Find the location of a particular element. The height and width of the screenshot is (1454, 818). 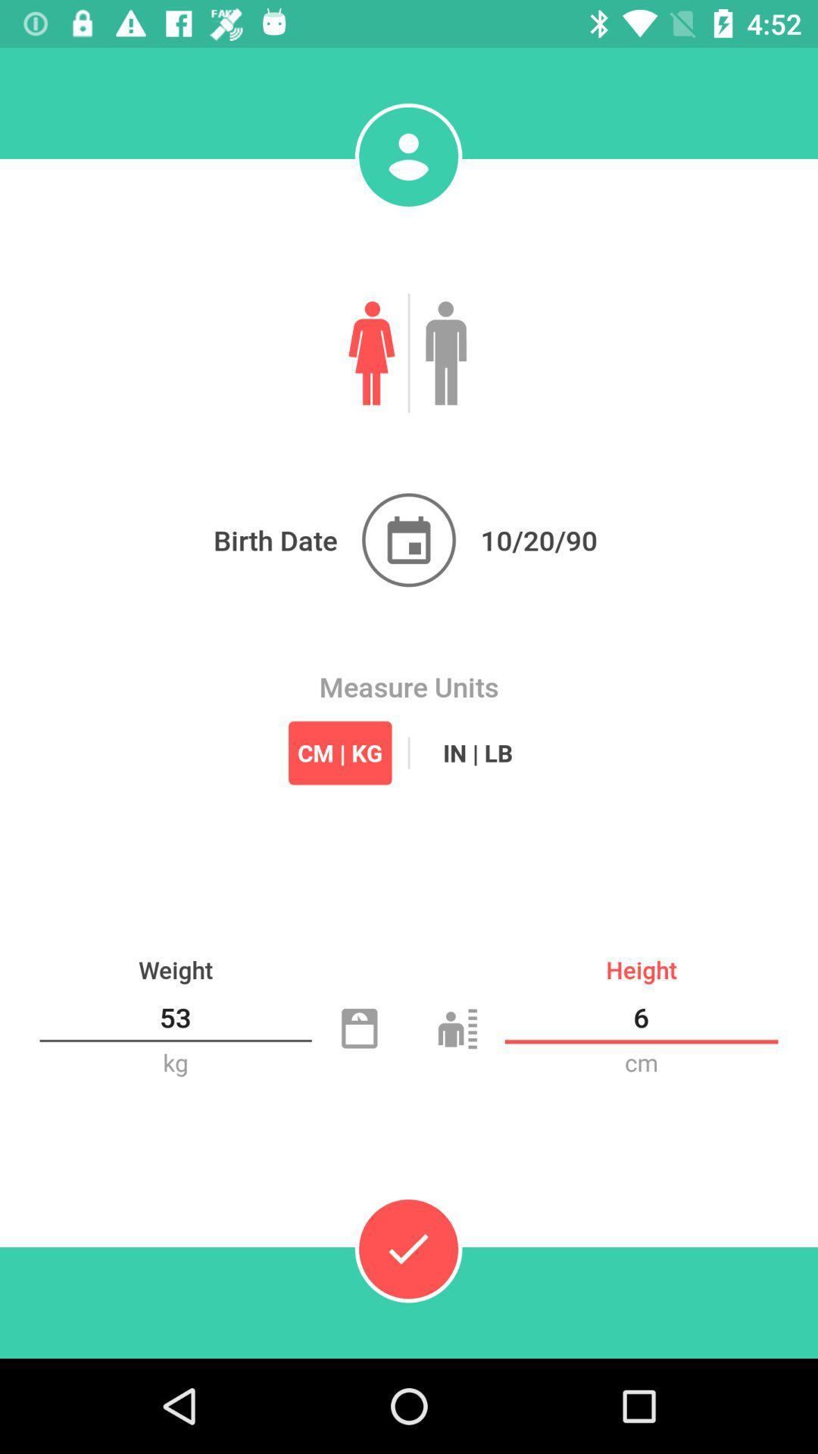

birth date type is located at coordinates (409, 540).